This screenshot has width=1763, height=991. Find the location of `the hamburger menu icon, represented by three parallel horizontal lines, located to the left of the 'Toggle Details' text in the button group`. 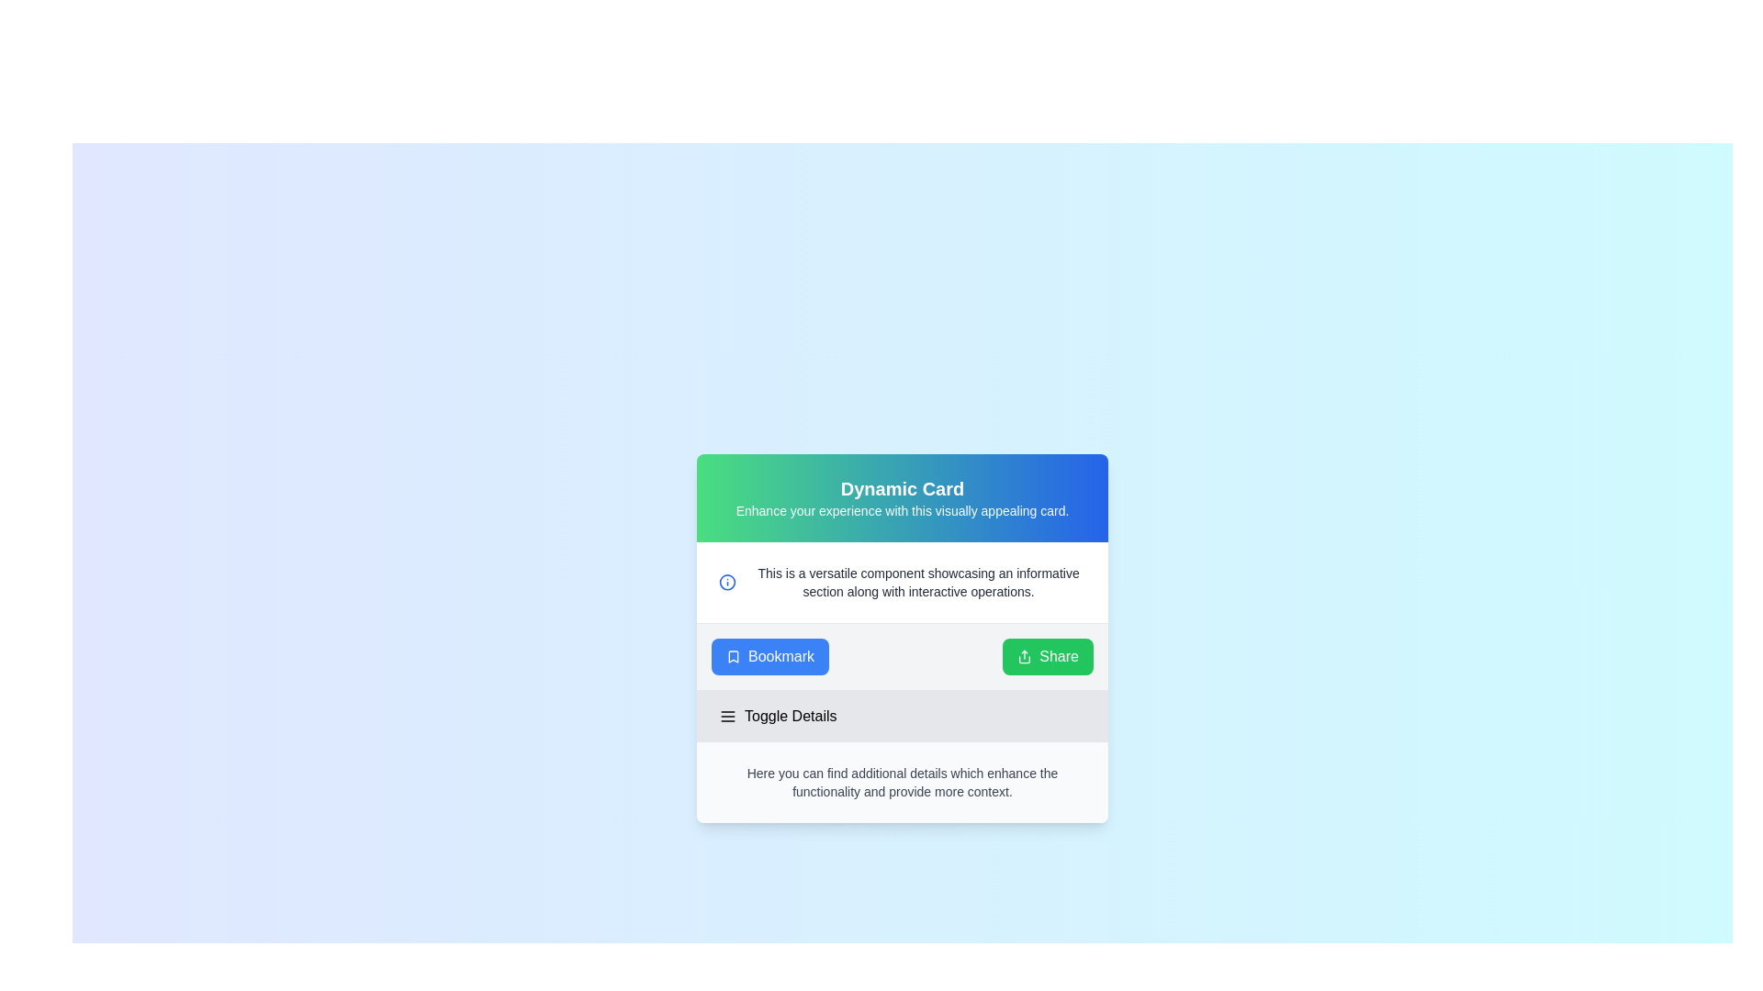

the hamburger menu icon, represented by three parallel horizontal lines, located to the left of the 'Toggle Details' text in the button group is located at coordinates (726, 715).